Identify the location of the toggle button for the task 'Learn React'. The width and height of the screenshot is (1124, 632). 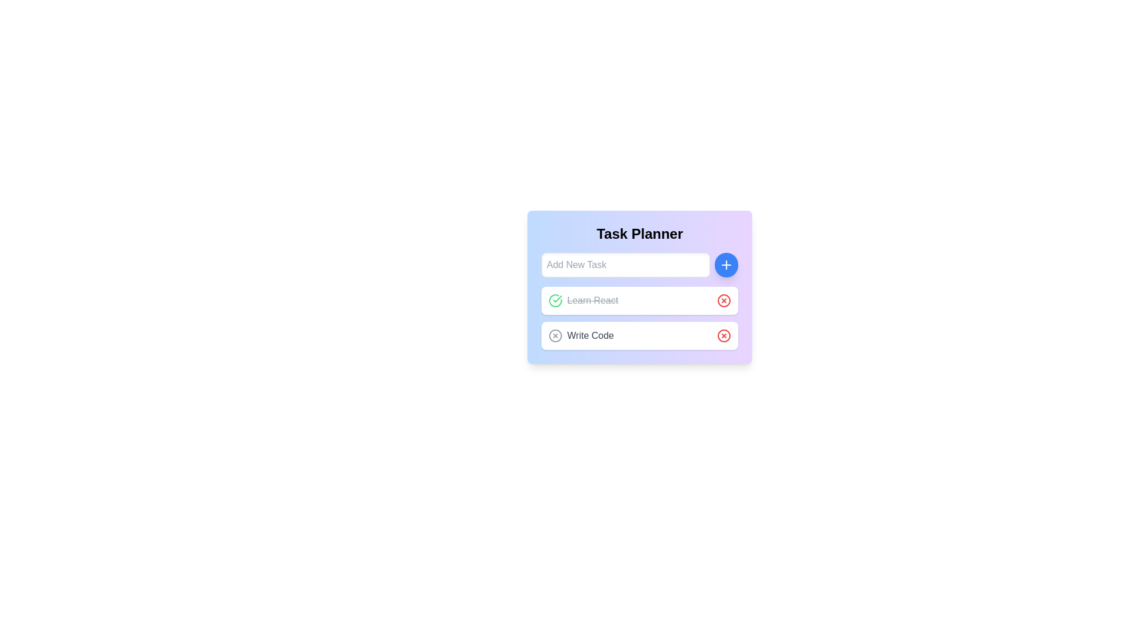
(555, 300).